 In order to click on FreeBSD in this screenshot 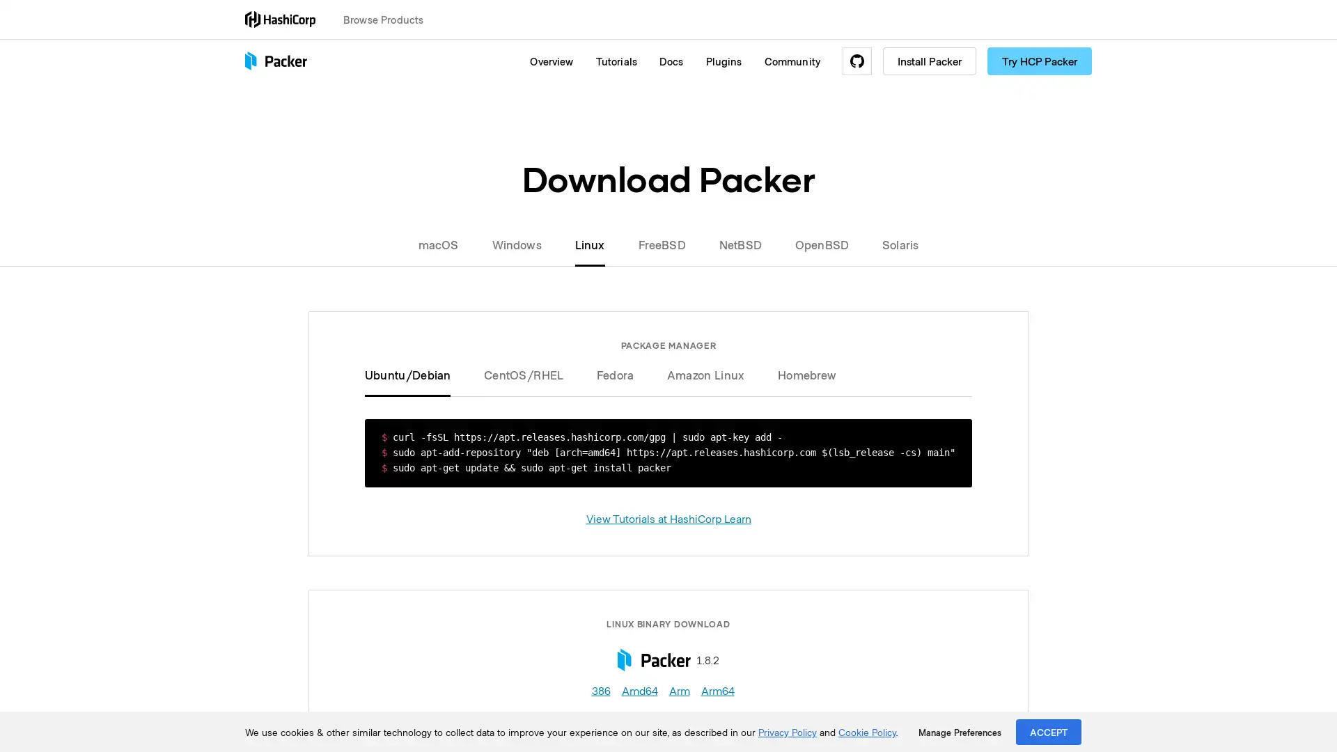, I will do `click(661, 244)`.